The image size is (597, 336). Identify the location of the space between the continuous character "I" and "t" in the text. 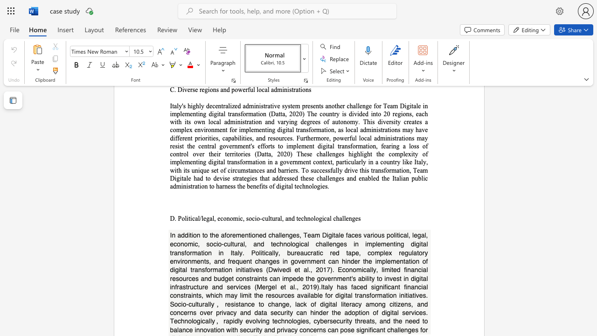
(232, 252).